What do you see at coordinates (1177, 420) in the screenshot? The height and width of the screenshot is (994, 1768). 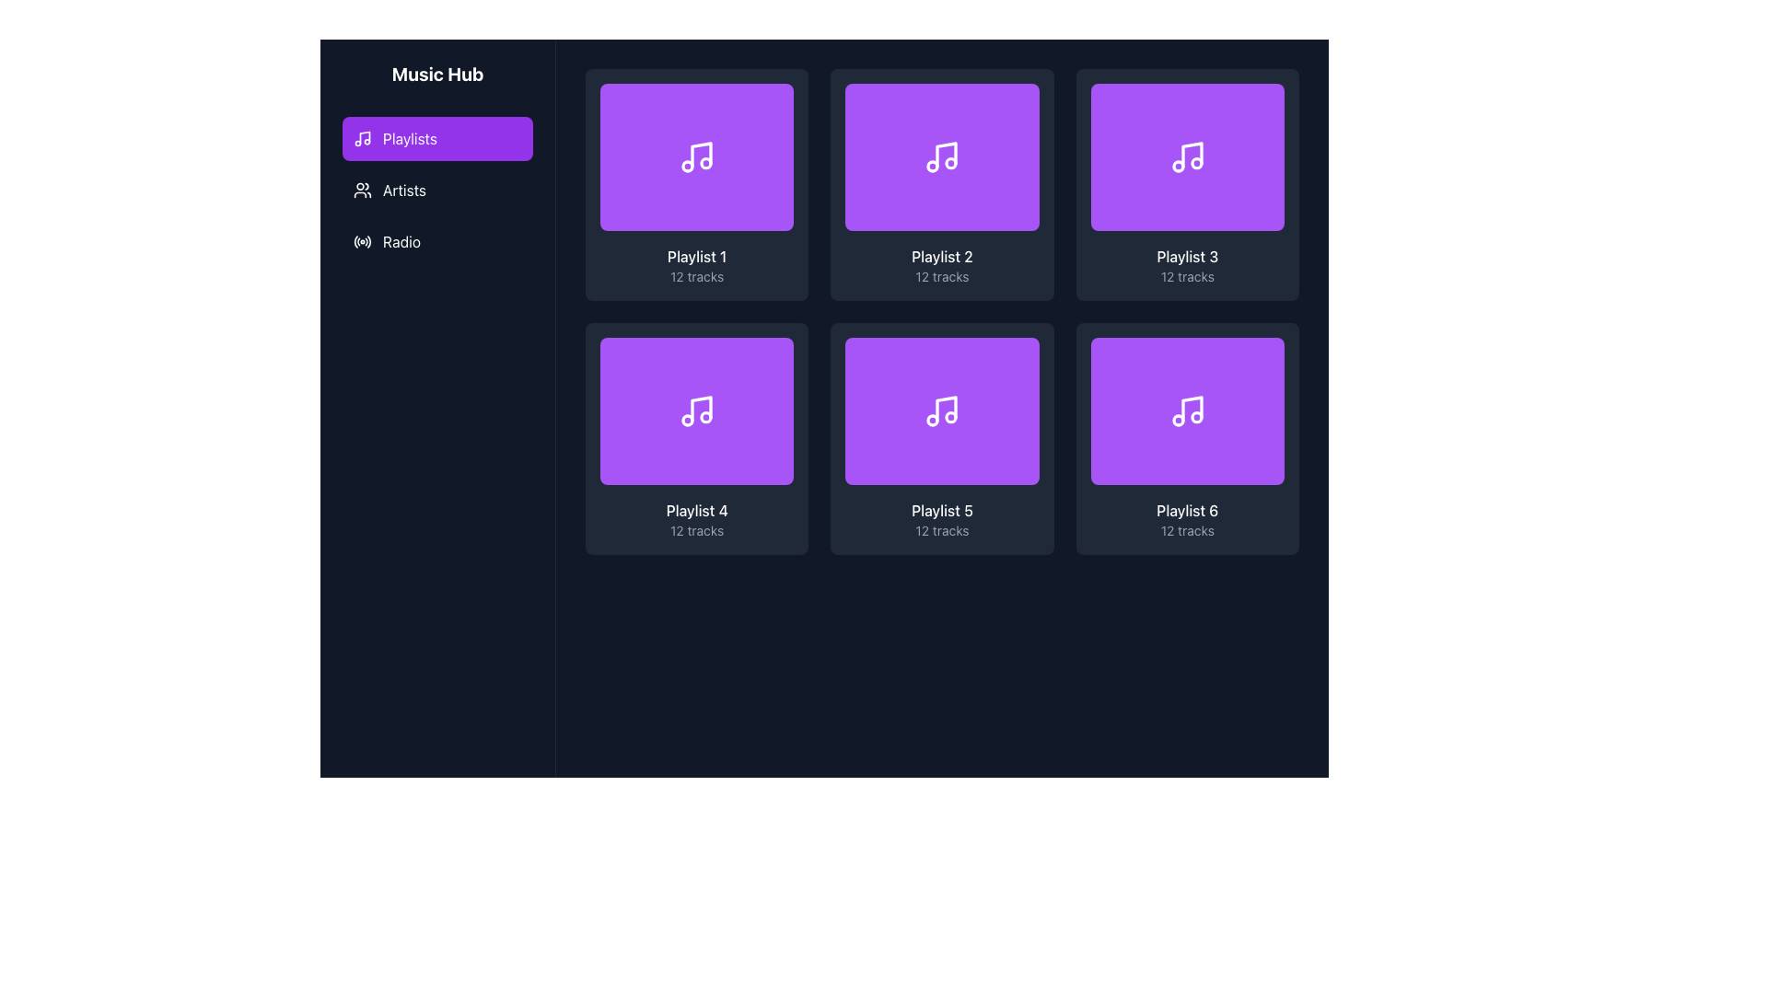 I see `the small circular shape within the music note icon of the 'Playlist 6' card, located on the third row and second column of the playlist grid` at bounding box center [1177, 420].